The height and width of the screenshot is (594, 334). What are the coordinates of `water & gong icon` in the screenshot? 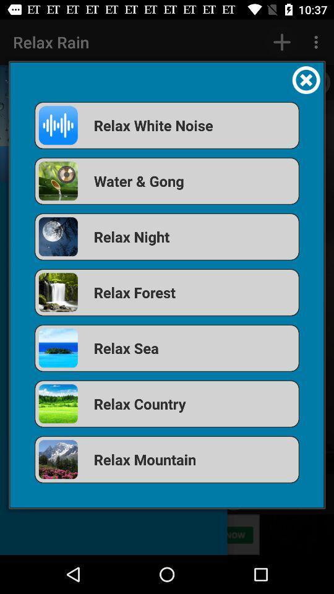 It's located at (167, 180).